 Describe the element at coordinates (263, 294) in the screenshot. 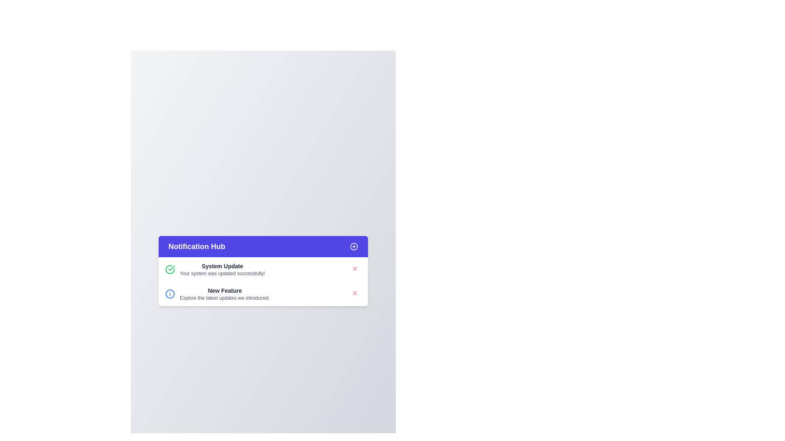

I see `the informational icon of the second notification entry in the 'Notification Hub' section to view details` at that location.